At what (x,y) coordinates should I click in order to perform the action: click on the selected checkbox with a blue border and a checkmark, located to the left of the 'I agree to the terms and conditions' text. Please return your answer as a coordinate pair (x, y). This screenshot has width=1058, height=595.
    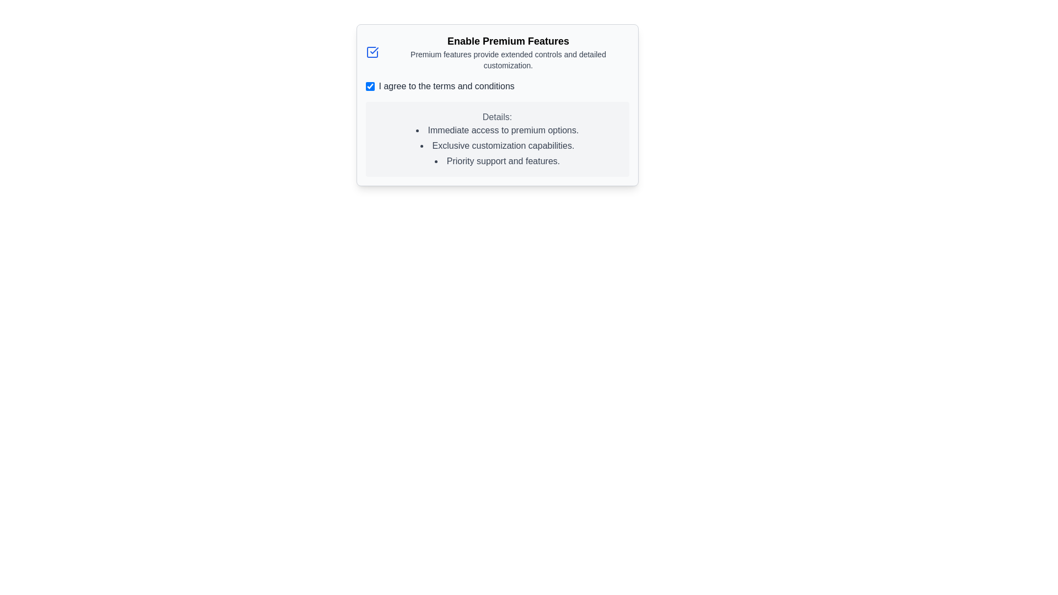
    Looking at the image, I should click on (370, 86).